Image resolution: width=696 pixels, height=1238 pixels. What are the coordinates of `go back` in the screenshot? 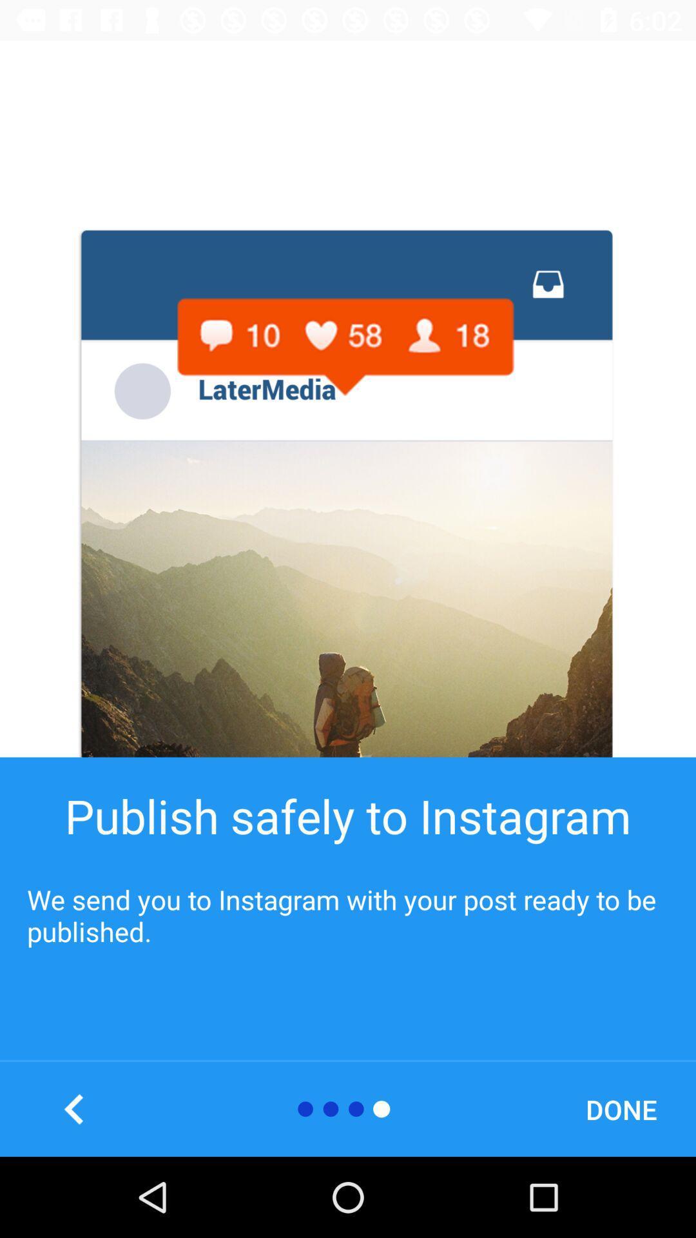 It's located at (74, 1108).